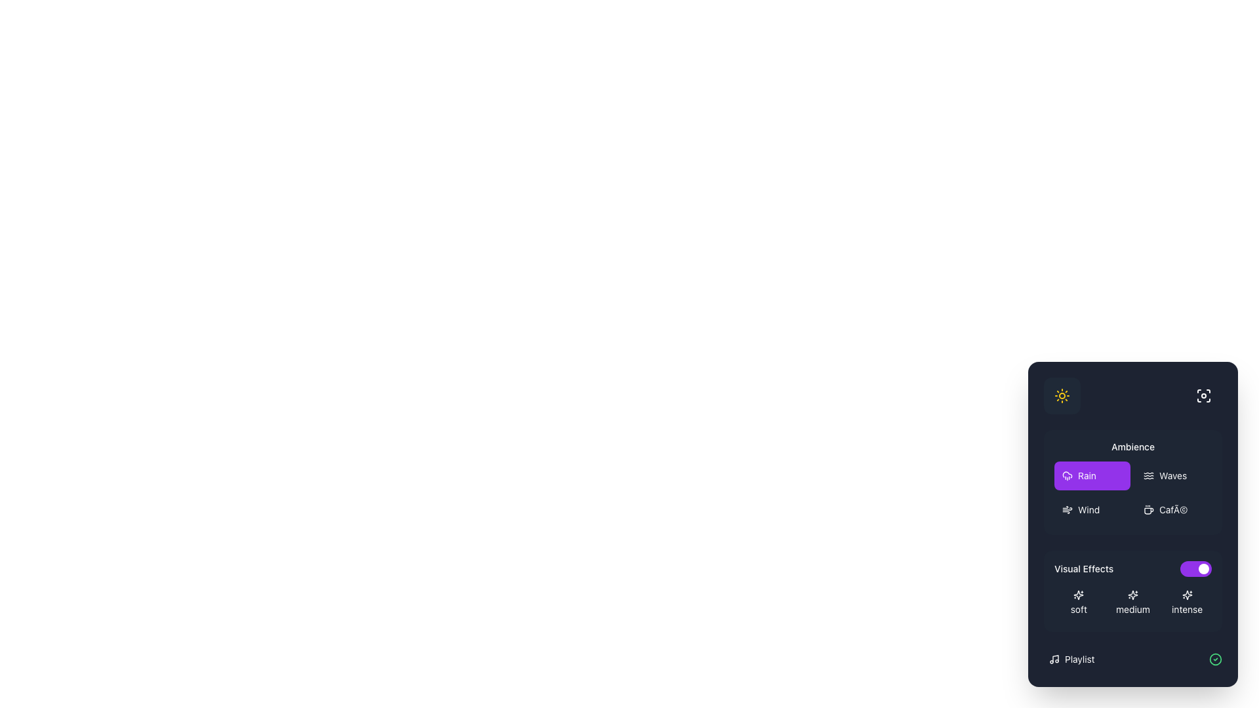  Describe the element at coordinates (1132, 551) in the screenshot. I see `the buttons in the 'Visual Effects' control panel` at that location.